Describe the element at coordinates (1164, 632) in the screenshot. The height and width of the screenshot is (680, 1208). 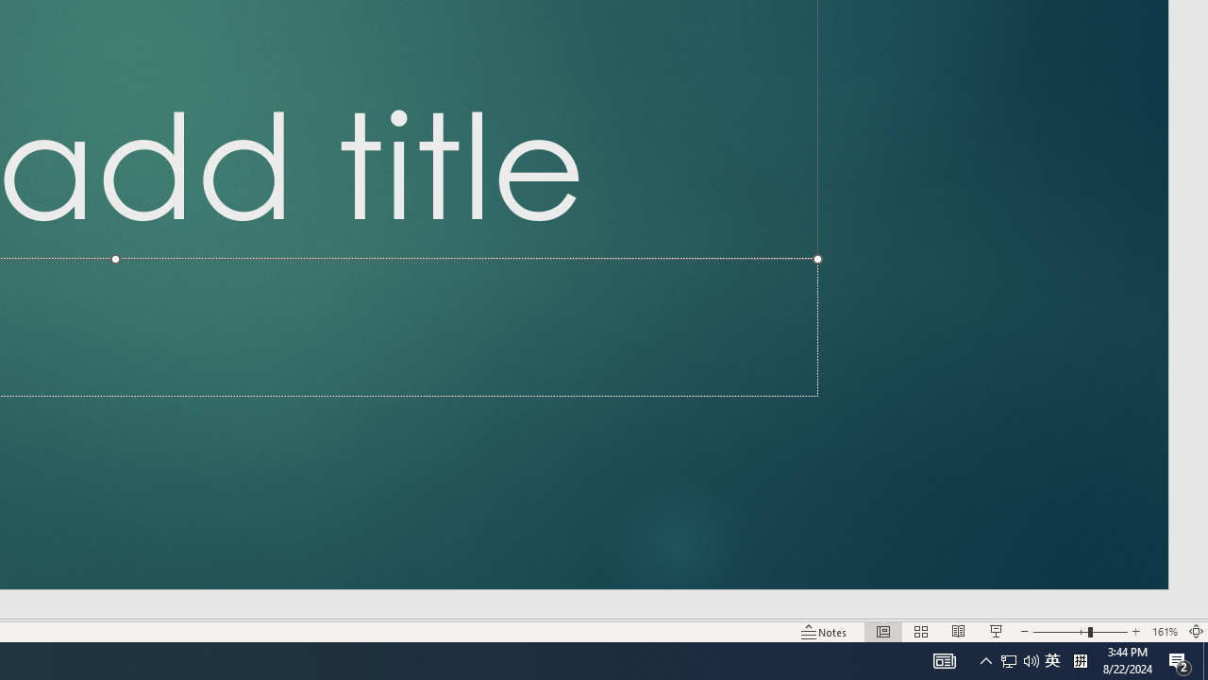
I see `'Zoom 161%'` at that location.